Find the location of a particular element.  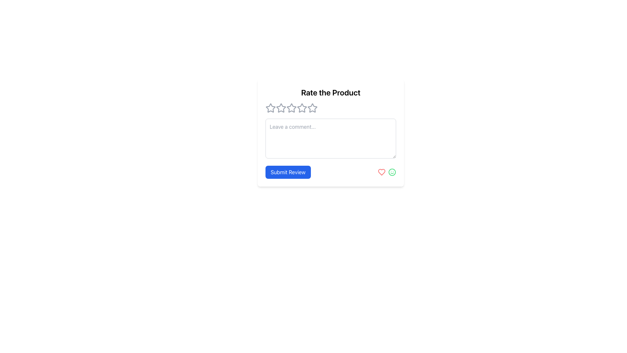

the outermost circular icon is located at coordinates (392, 172).